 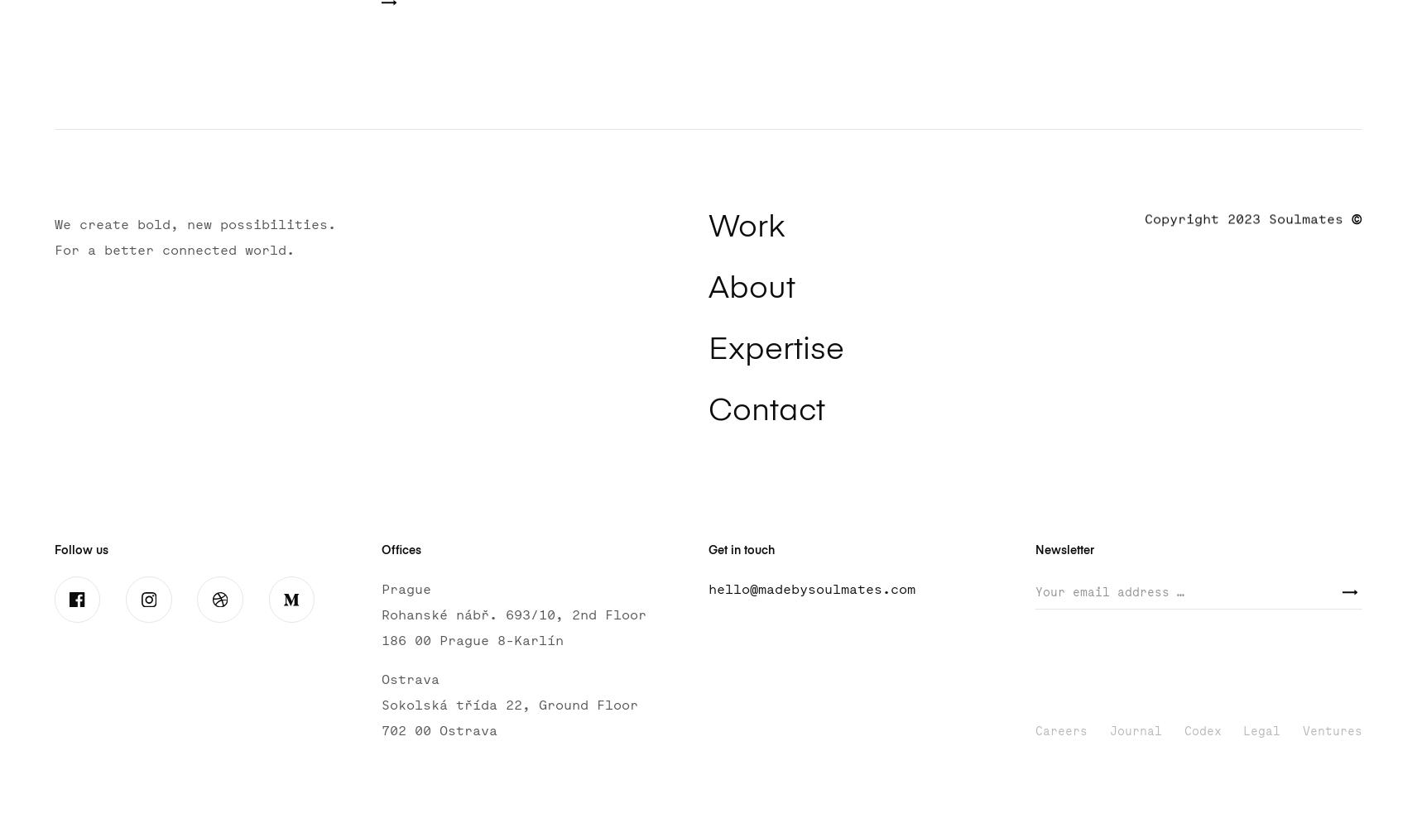 I want to click on 'Ventures', so click(x=1303, y=730).